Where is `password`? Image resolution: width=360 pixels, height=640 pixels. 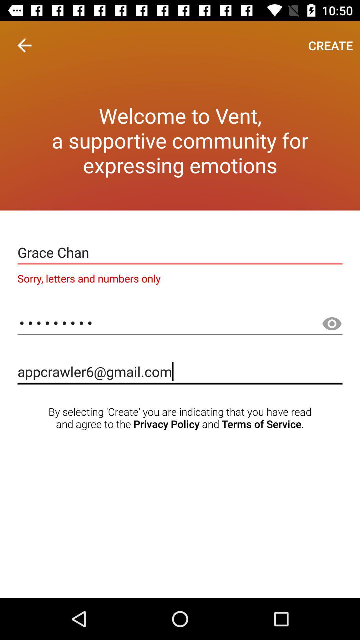 password is located at coordinates (332, 324).